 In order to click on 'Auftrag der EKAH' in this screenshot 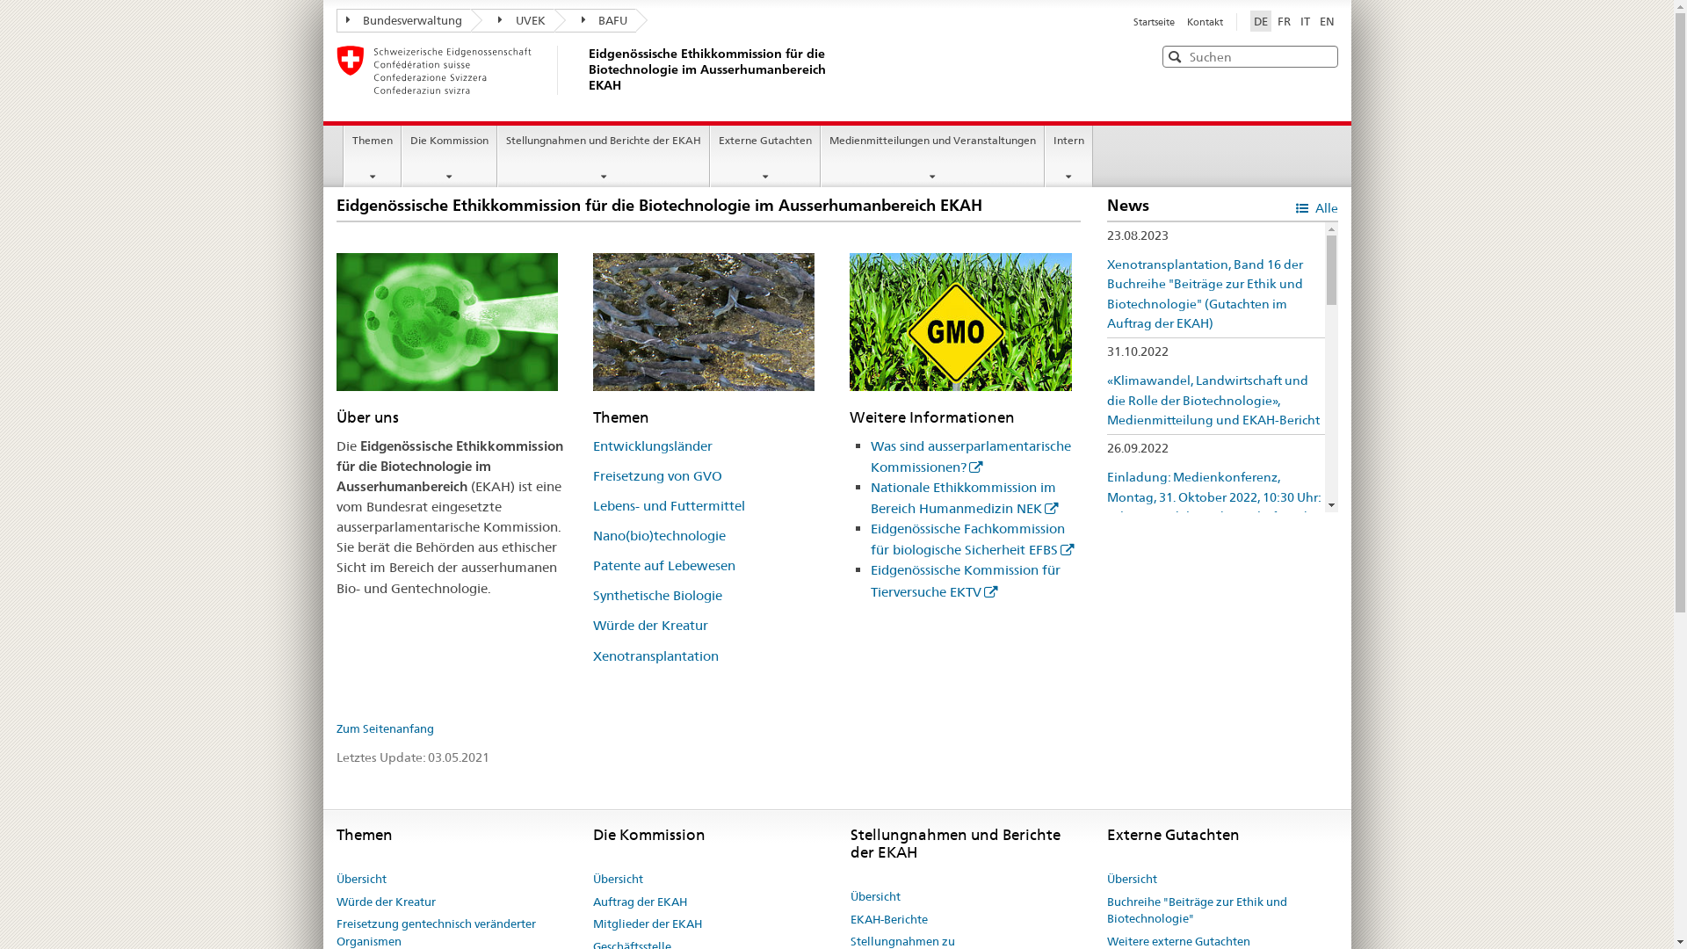, I will do `click(593, 902)`.